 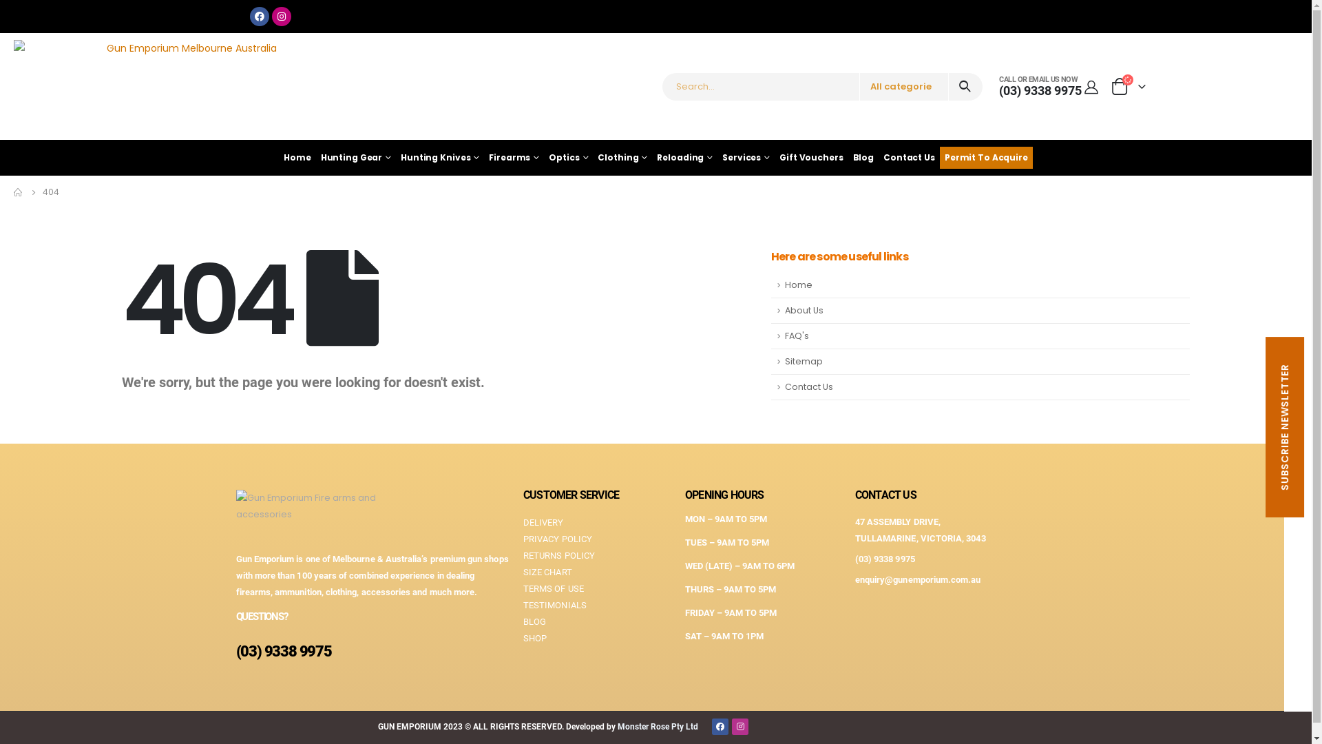 I want to click on 'RETURNS POLICY', so click(x=597, y=555).